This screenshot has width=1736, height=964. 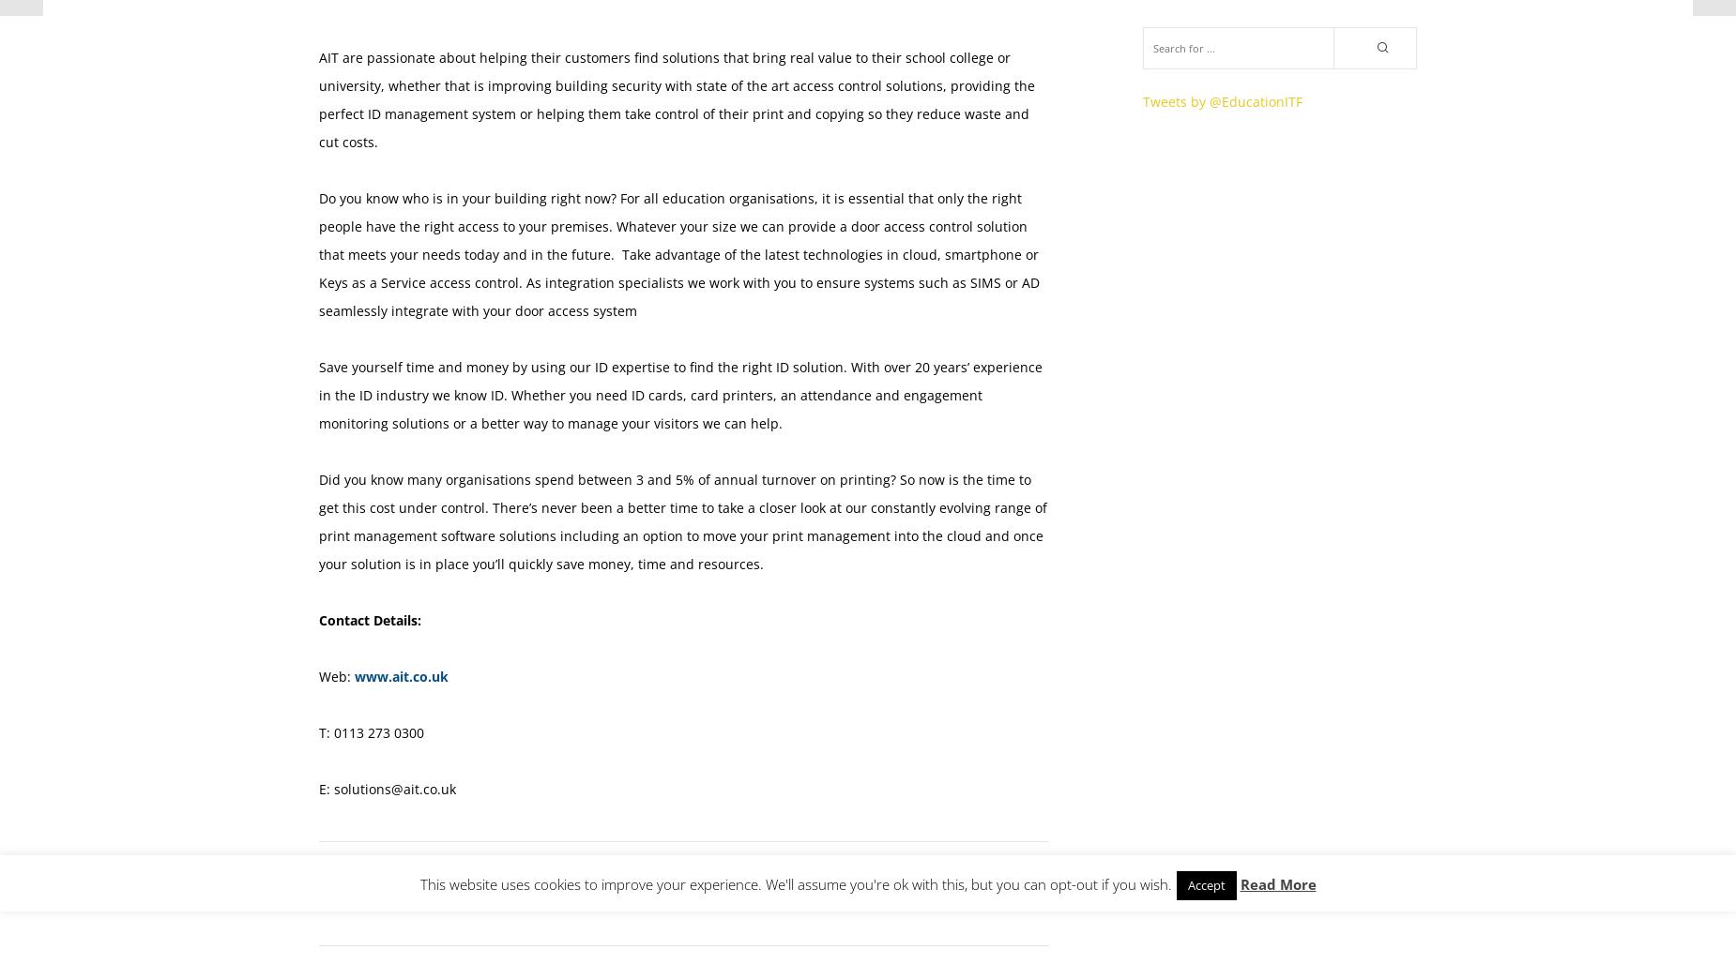 I want to click on 'www.ait.co.uk', so click(x=401, y=675).